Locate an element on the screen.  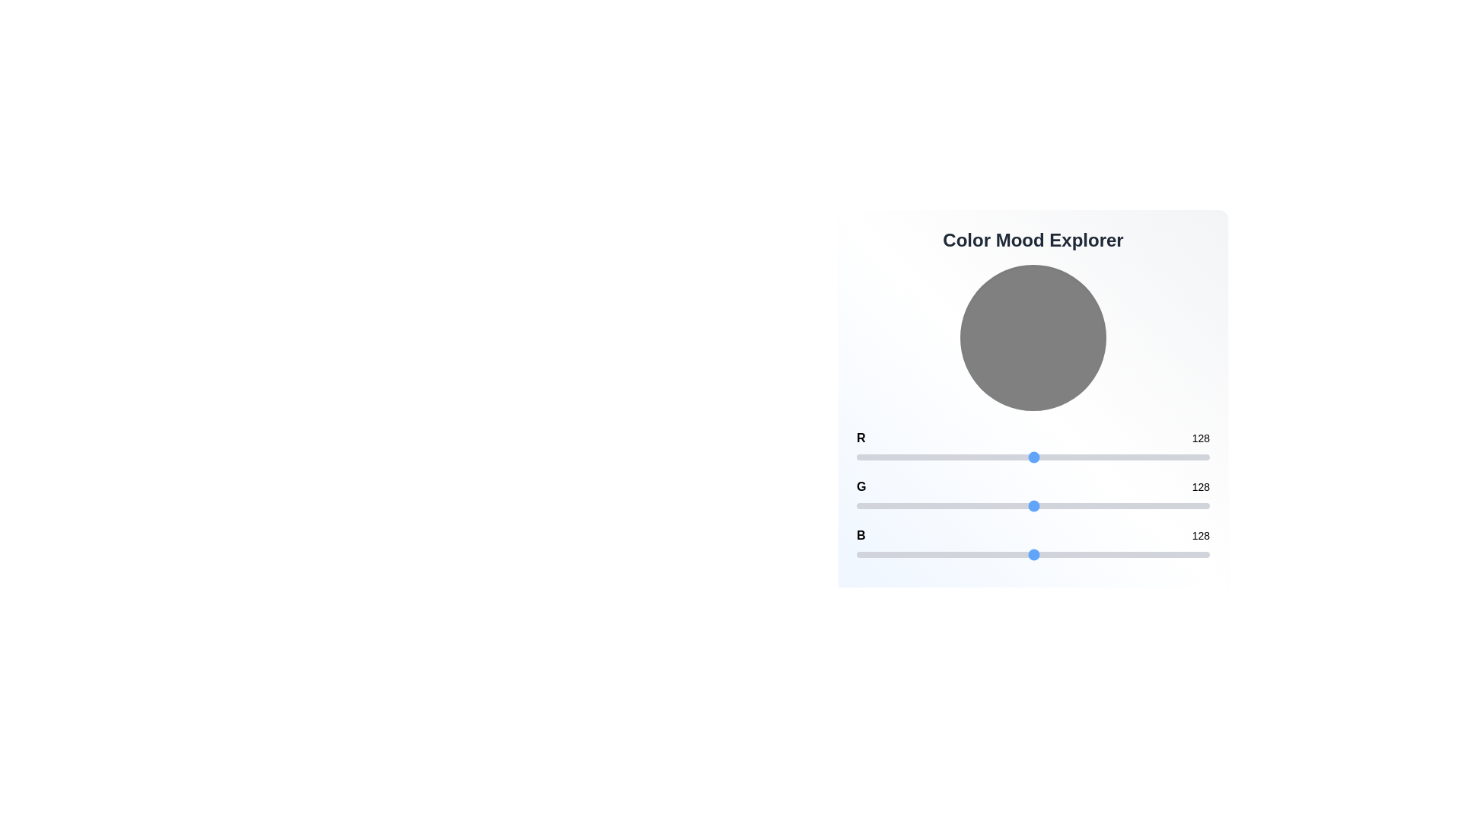
the 1 slider to set its value to 116 is located at coordinates (1017, 505).